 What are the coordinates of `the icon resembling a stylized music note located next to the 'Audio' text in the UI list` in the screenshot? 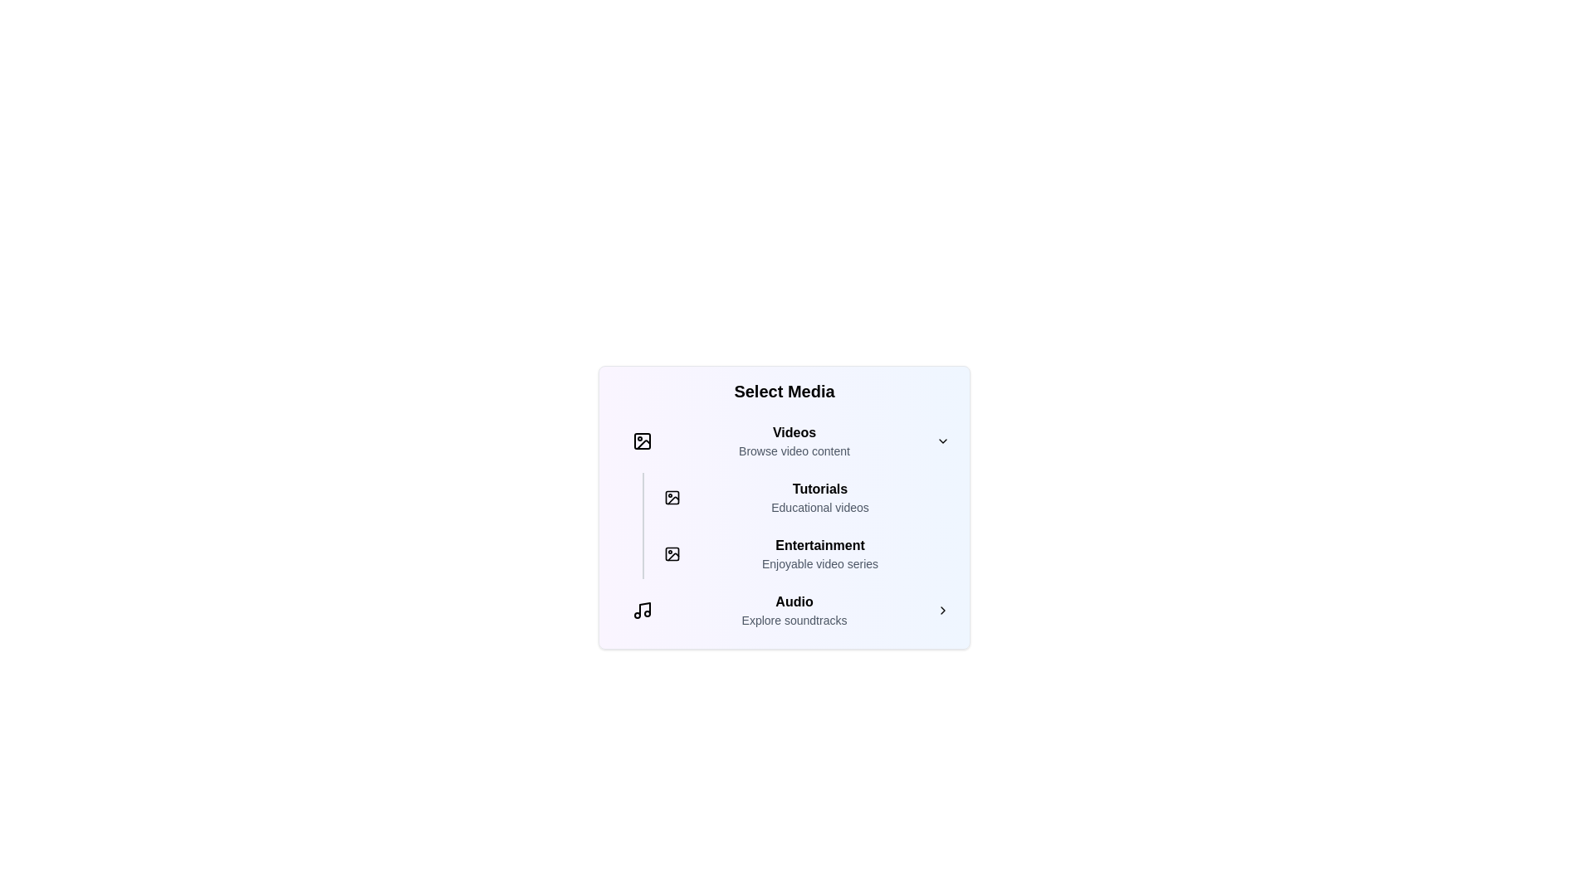 It's located at (644, 609).